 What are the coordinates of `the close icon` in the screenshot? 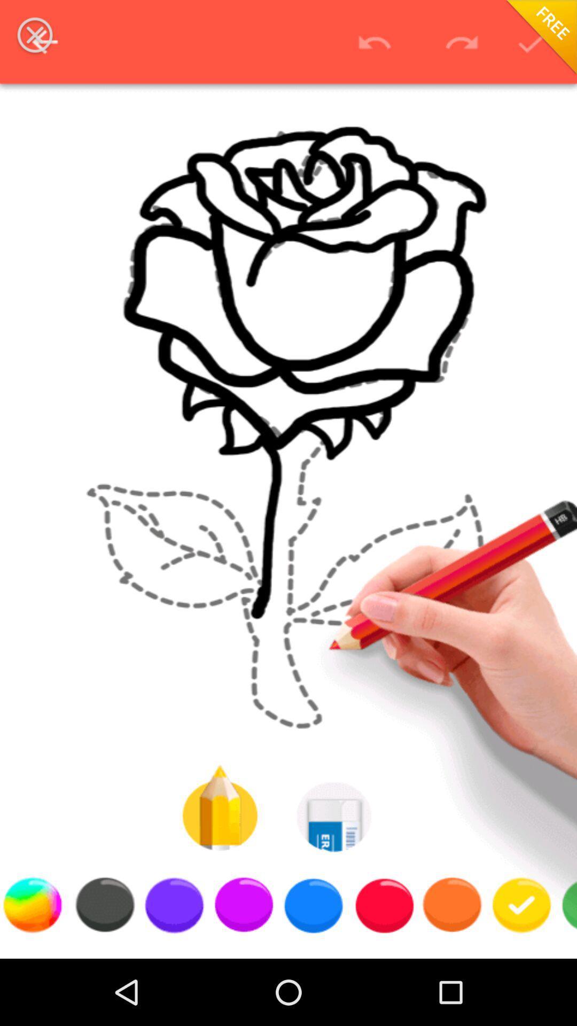 It's located at (34, 35).